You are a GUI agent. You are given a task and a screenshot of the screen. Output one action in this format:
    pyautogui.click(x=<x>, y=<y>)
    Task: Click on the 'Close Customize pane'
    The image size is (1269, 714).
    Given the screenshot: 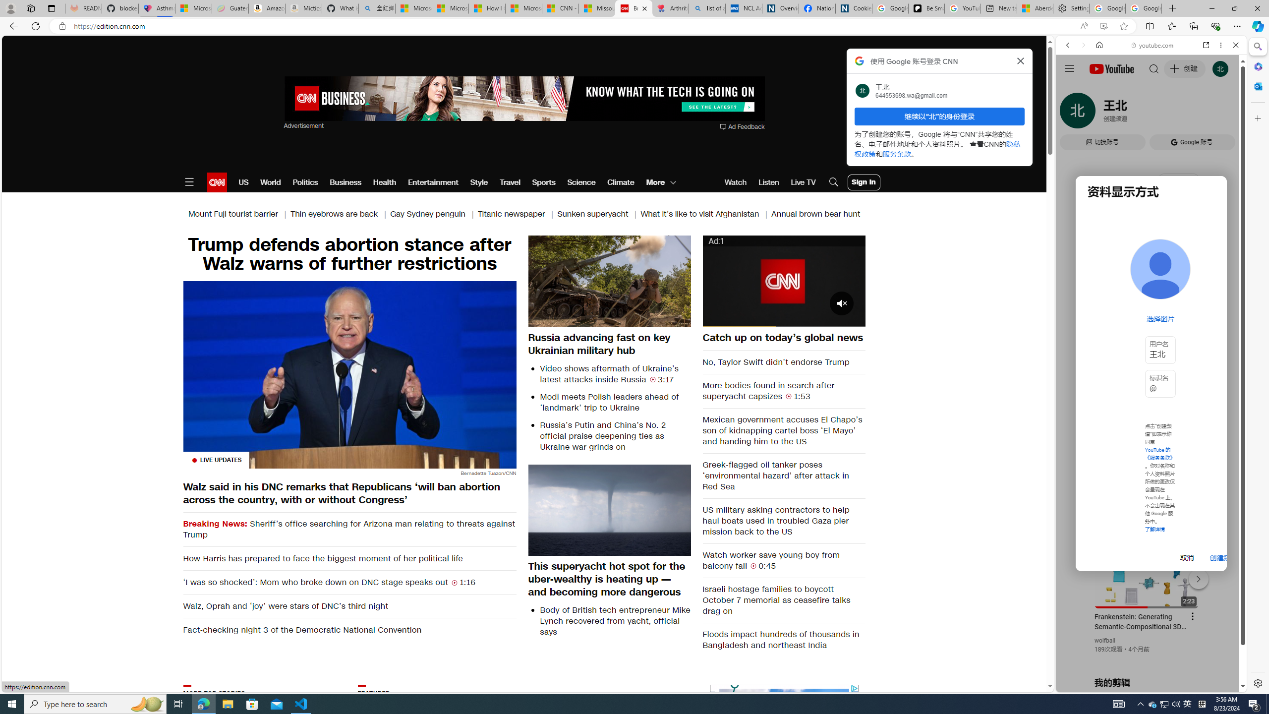 What is the action you would take?
    pyautogui.click(x=1257, y=118)
    